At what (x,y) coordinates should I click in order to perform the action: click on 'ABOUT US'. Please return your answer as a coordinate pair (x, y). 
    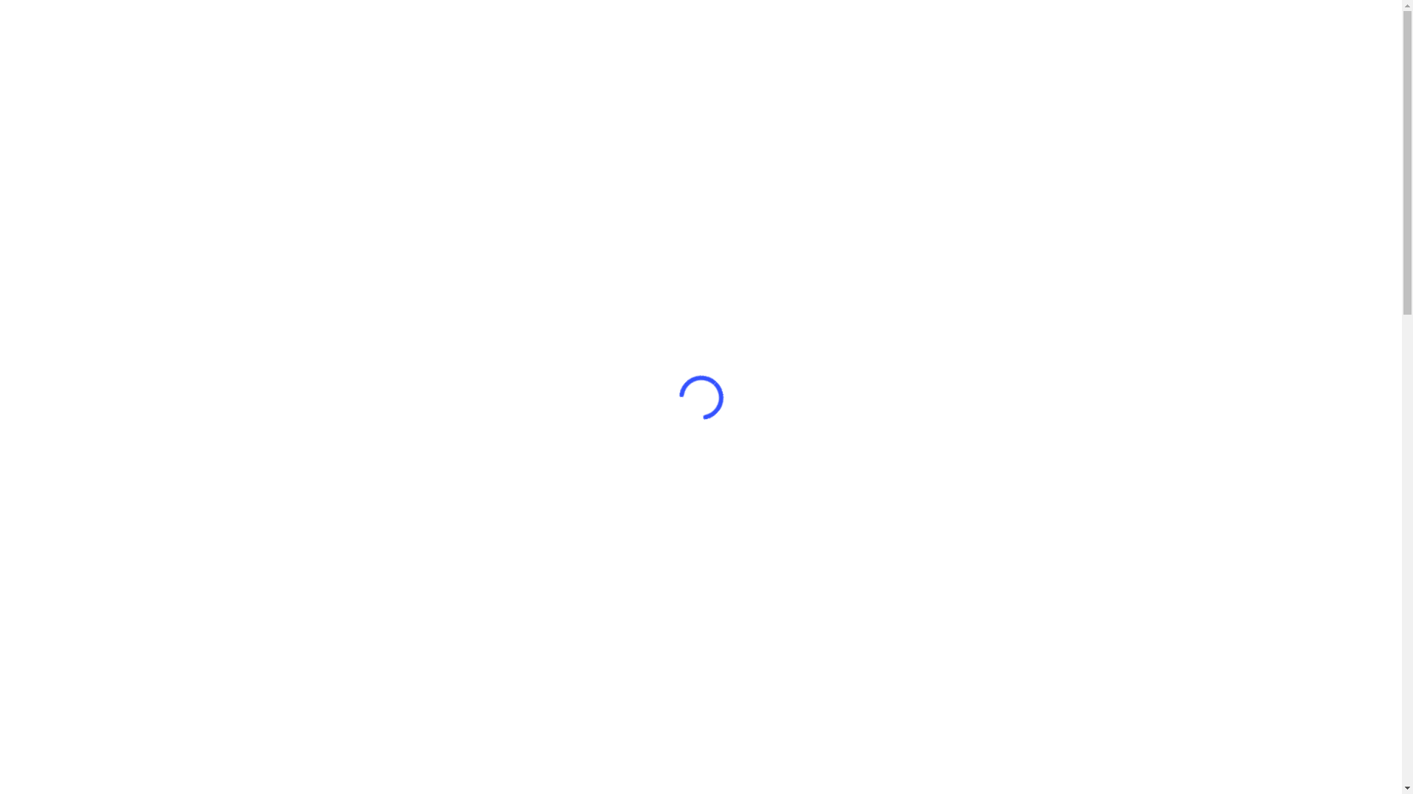
    Looking at the image, I should click on (916, 56).